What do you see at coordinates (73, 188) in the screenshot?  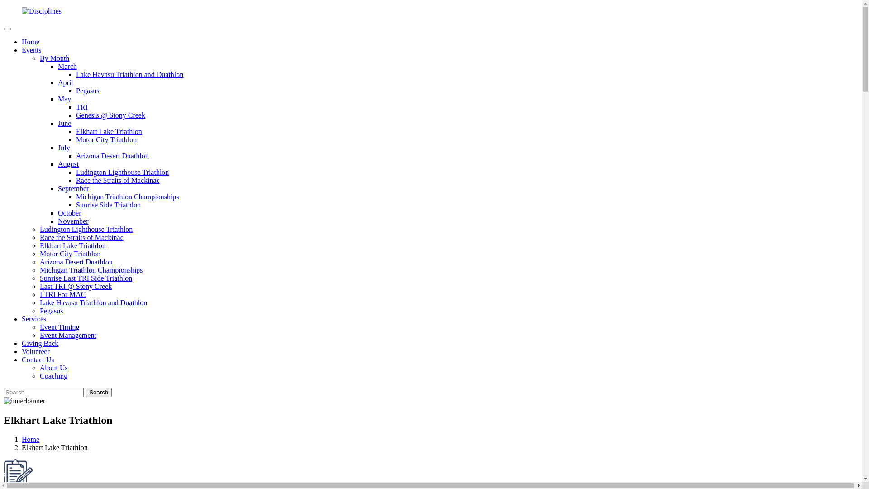 I see `'September'` at bounding box center [73, 188].